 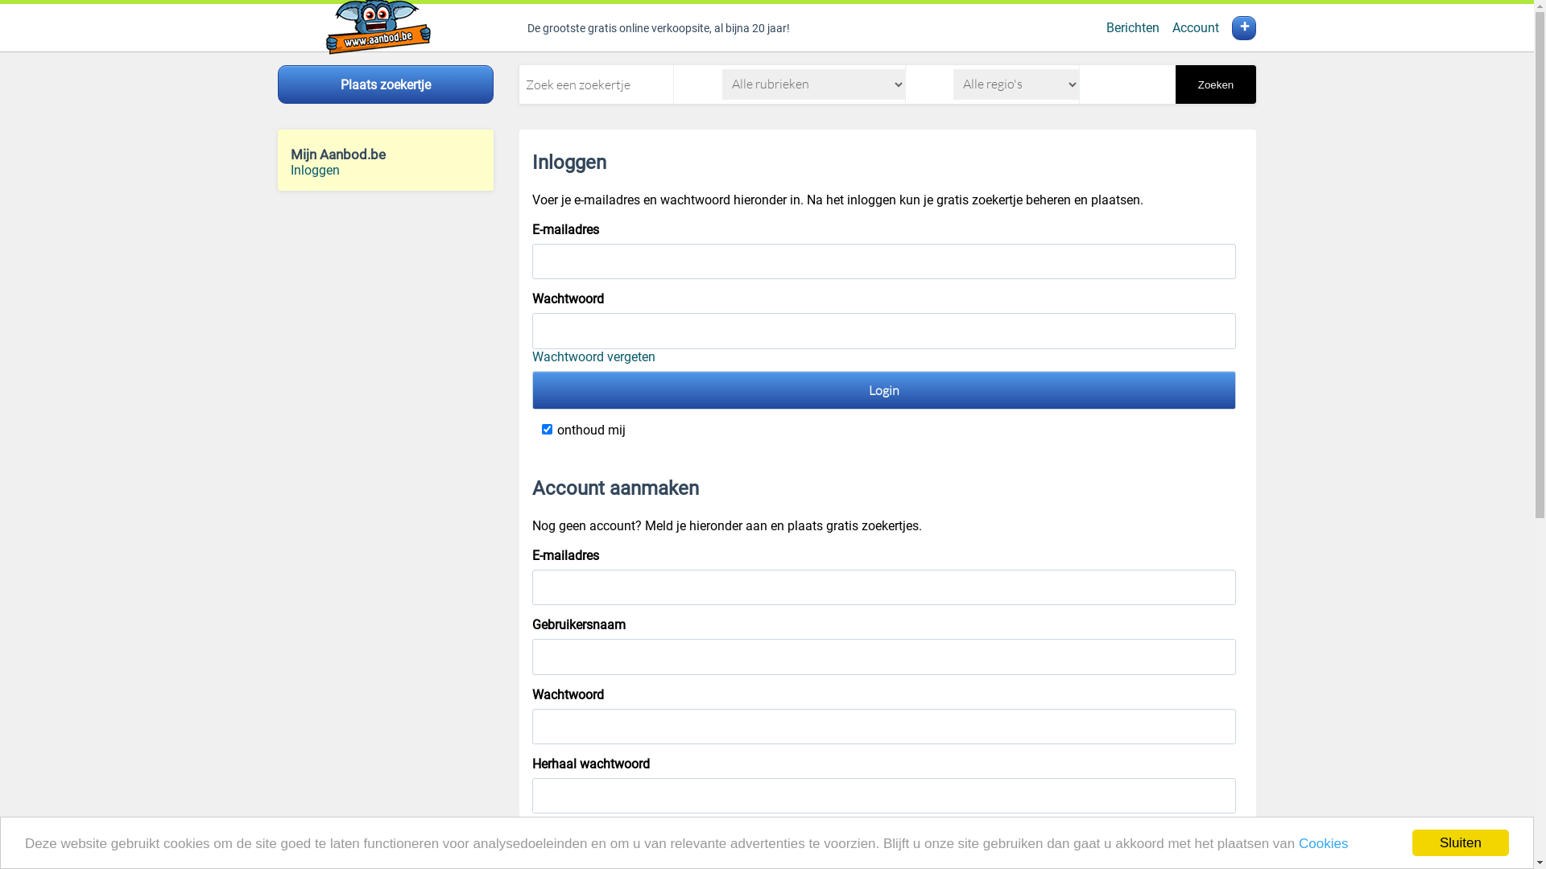 I want to click on 'Sluiten', so click(x=1461, y=842).